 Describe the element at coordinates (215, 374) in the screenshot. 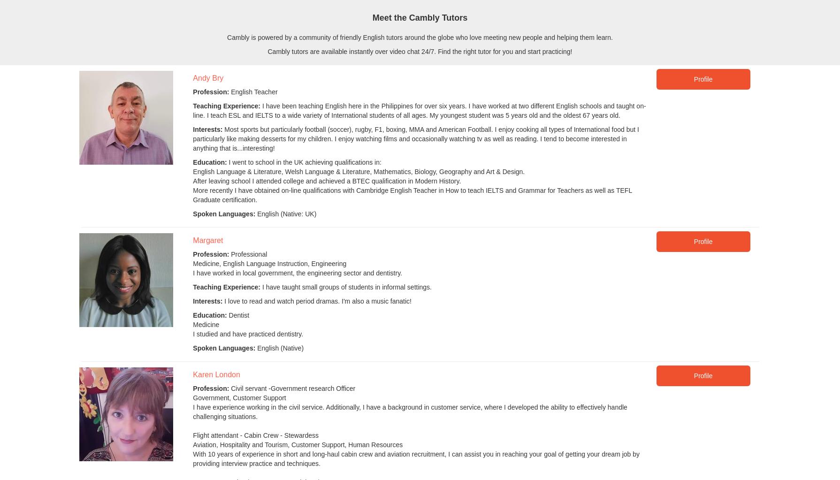

I see `'Karen London'` at that location.